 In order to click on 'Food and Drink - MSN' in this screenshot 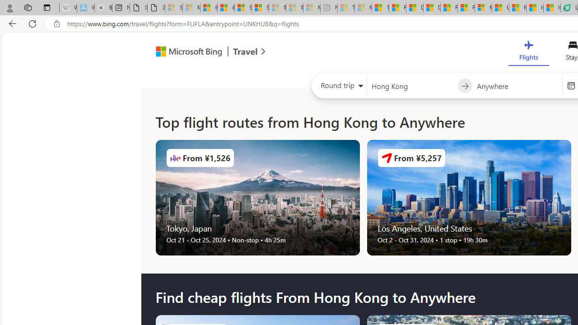, I will do `click(397, 8)`.